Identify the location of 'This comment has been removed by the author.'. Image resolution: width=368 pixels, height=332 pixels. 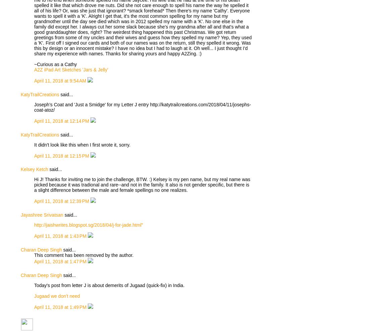
(83, 255).